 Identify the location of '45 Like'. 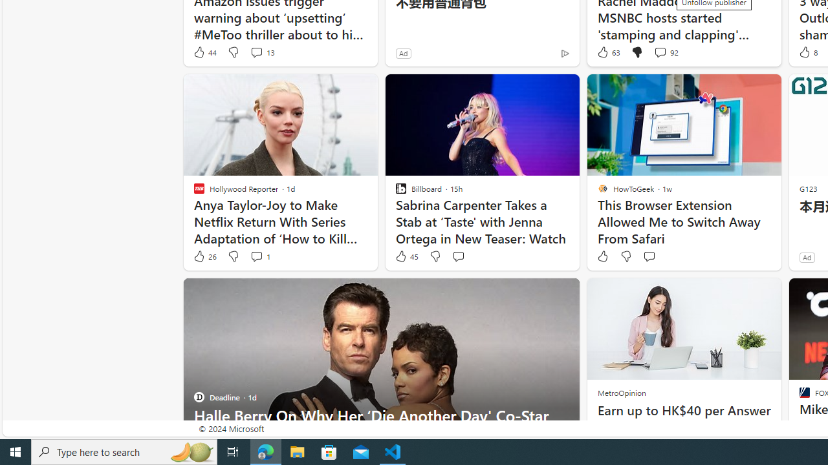
(406, 256).